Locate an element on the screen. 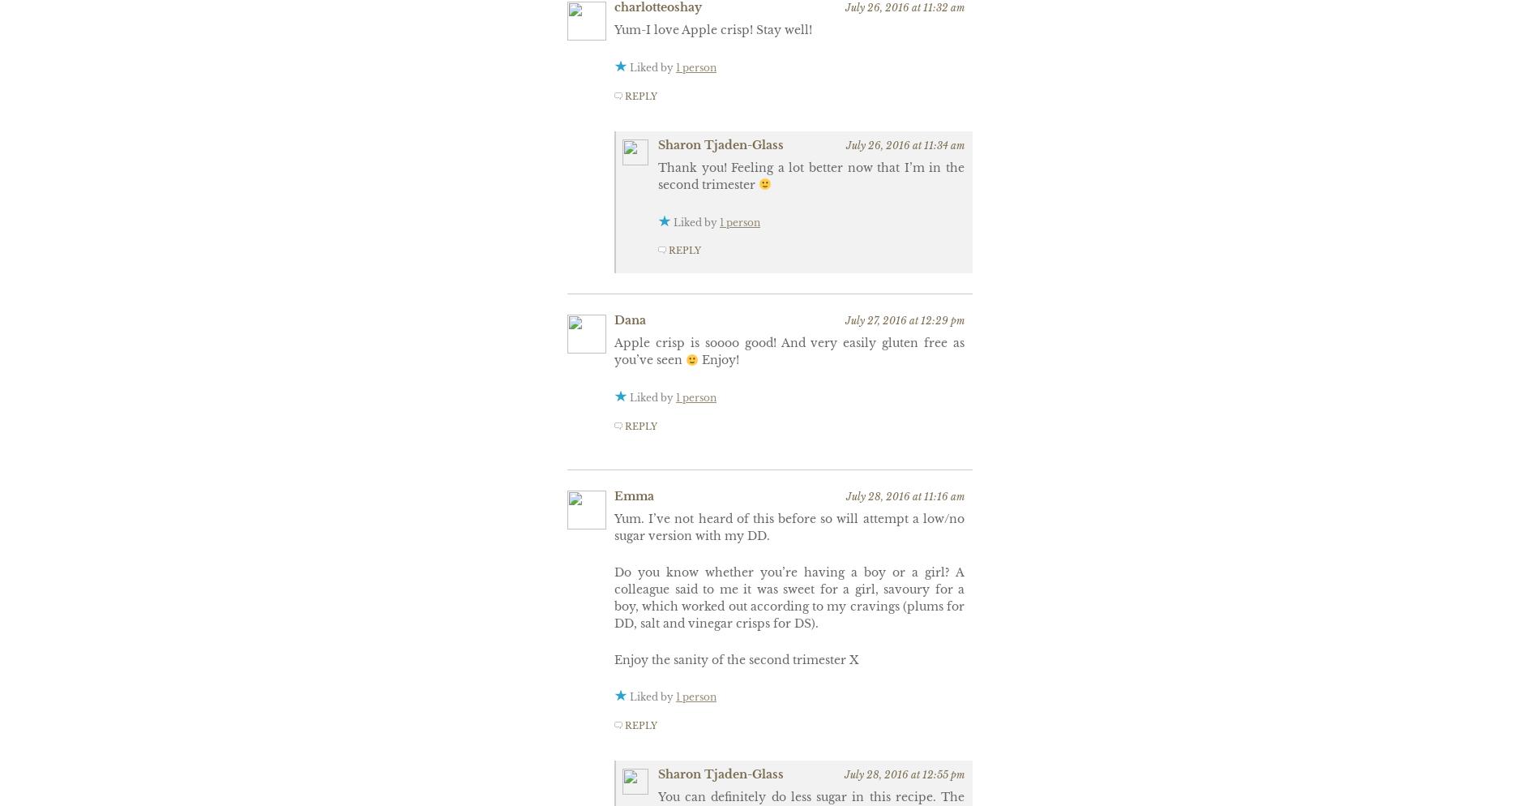  'Yum. I’ve not heard of this before so will attempt a low/no sugar version with my DD.' is located at coordinates (789, 526).